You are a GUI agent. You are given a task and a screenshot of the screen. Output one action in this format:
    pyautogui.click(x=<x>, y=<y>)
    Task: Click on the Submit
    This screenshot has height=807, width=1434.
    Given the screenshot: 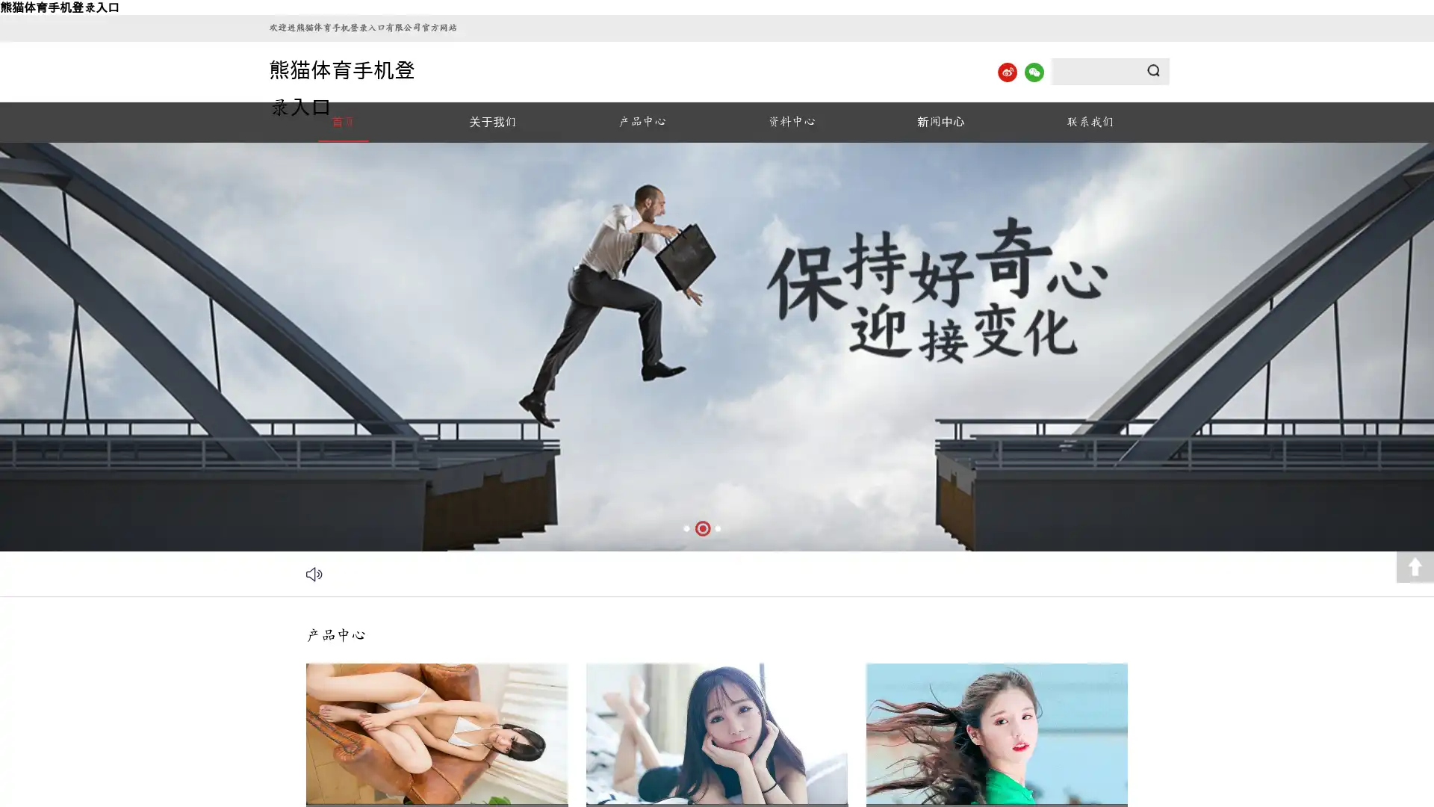 What is the action you would take?
    pyautogui.click(x=1153, y=71)
    